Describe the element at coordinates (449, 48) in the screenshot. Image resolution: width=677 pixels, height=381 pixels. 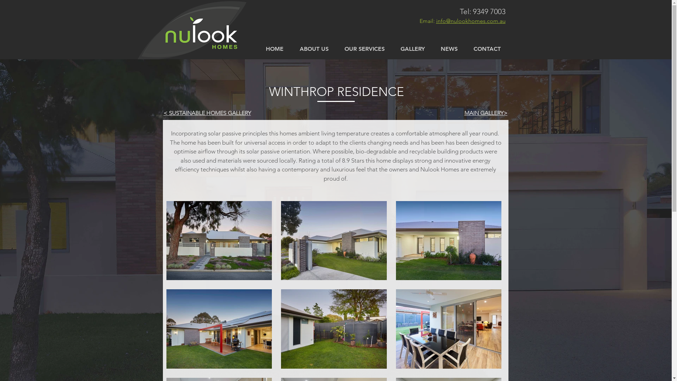
I see `'NEWS'` at that location.